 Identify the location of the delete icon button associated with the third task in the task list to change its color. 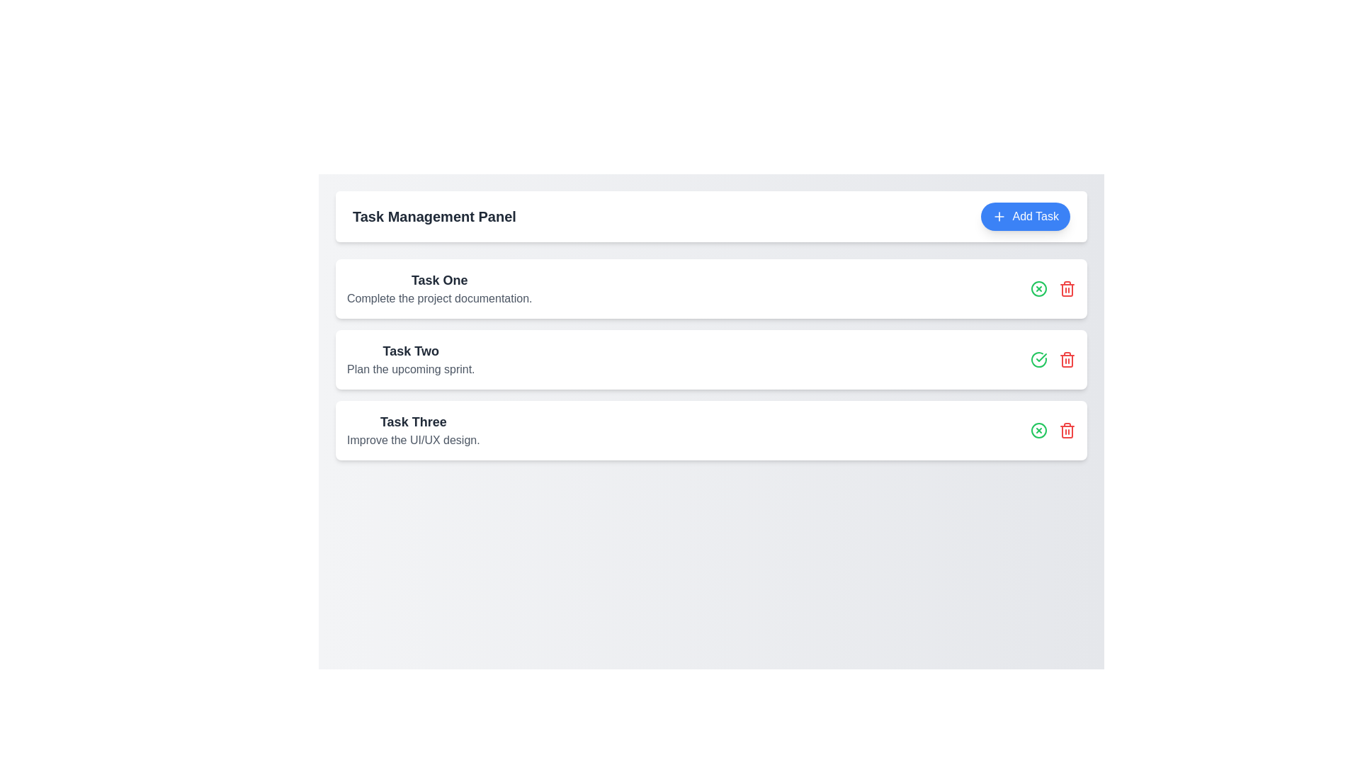
(1067, 359).